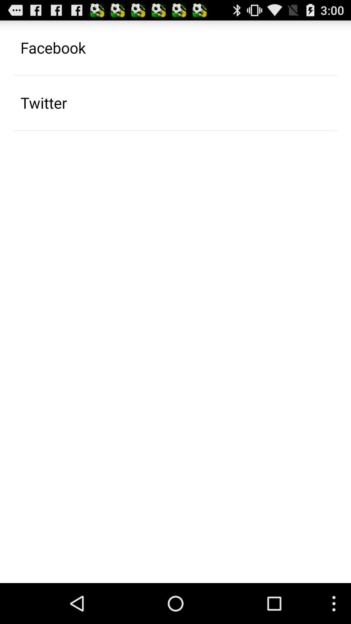 The width and height of the screenshot is (351, 624). What do you see at coordinates (53, 47) in the screenshot?
I see `facebook` at bounding box center [53, 47].